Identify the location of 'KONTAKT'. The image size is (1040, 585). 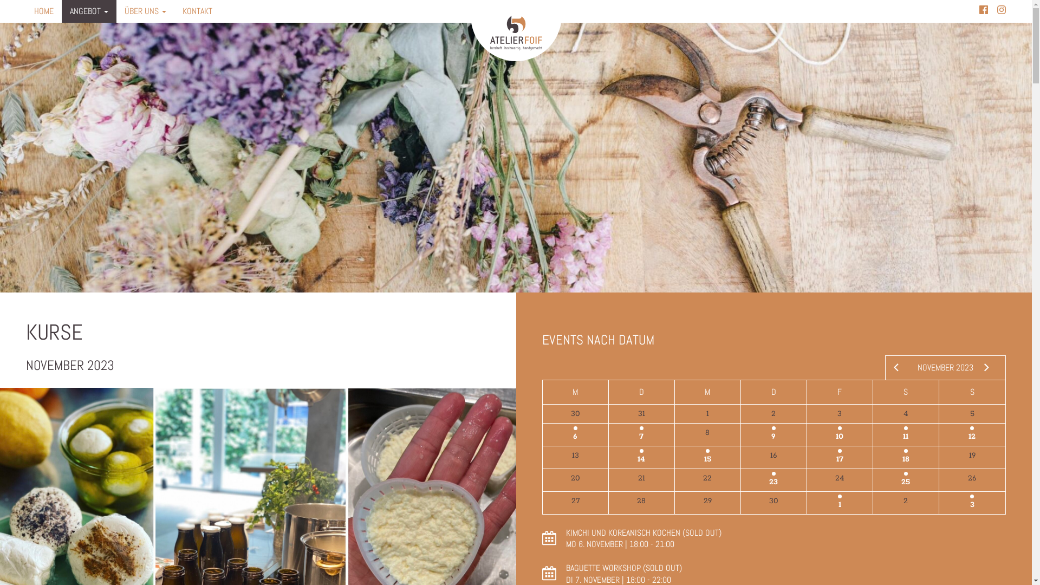
(174, 11).